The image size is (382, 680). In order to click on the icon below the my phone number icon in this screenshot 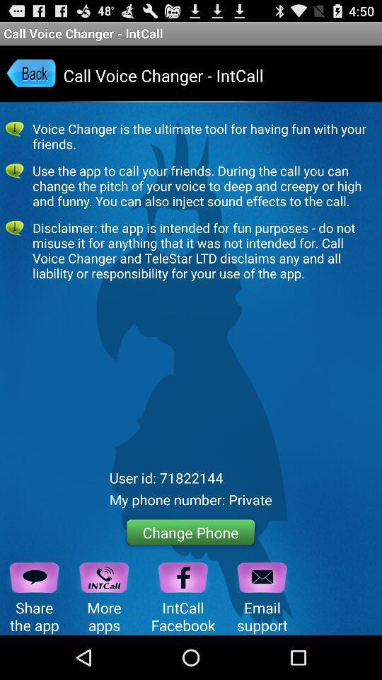, I will do `click(190, 531)`.